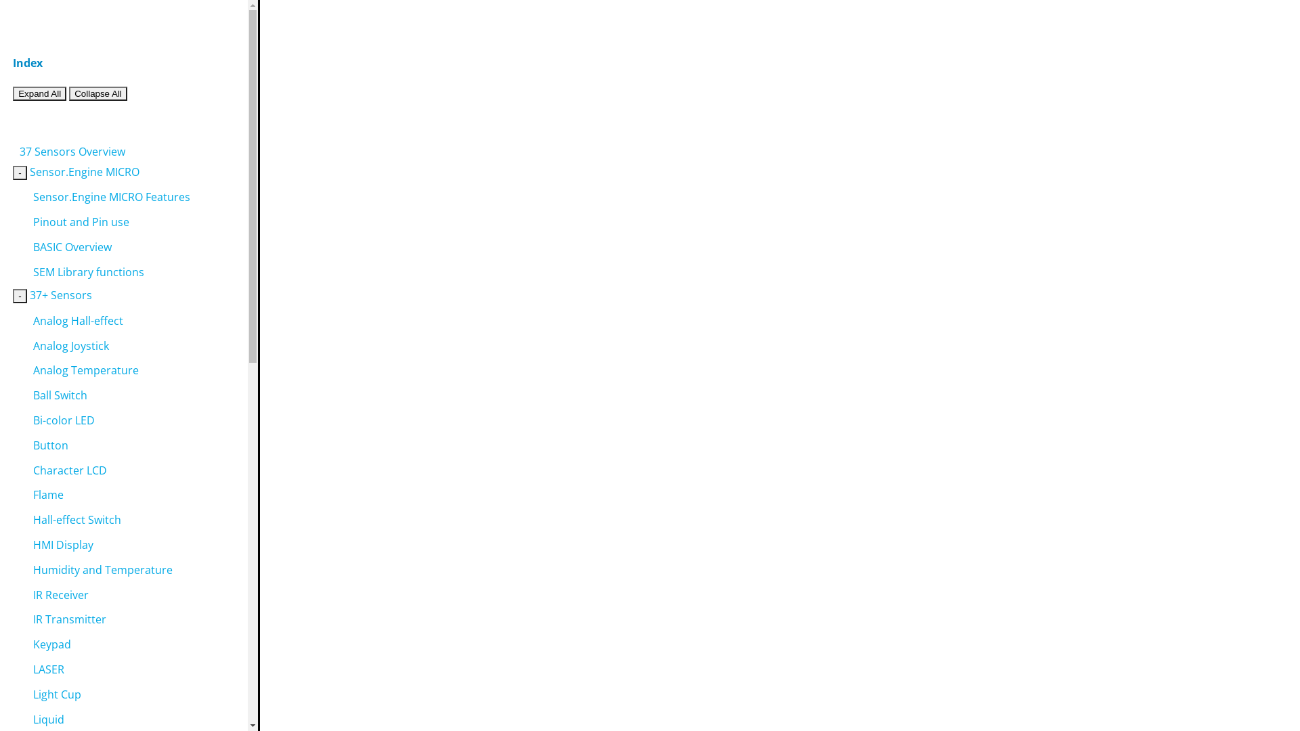 The image size is (1300, 731). What do you see at coordinates (19, 172) in the screenshot?
I see `'-'` at bounding box center [19, 172].